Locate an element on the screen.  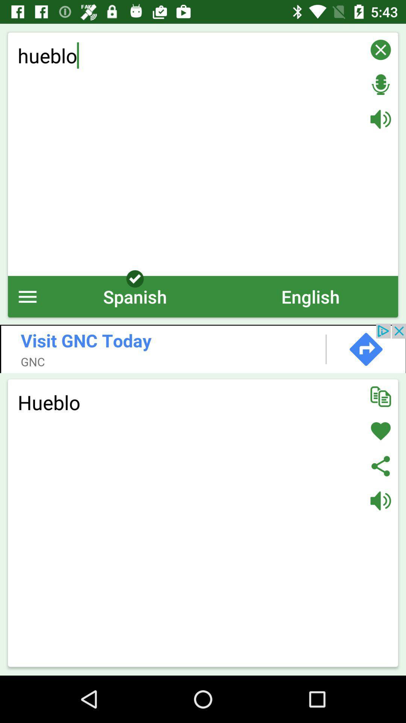
share is located at coordinates (380, 465).